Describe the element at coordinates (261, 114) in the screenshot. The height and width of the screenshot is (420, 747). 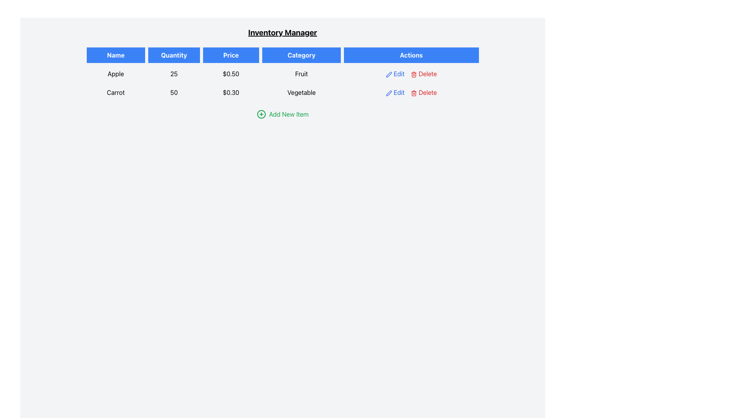
I see `the green '+' icon within the 'Add New Item' button to initiate the addition process` at that location.